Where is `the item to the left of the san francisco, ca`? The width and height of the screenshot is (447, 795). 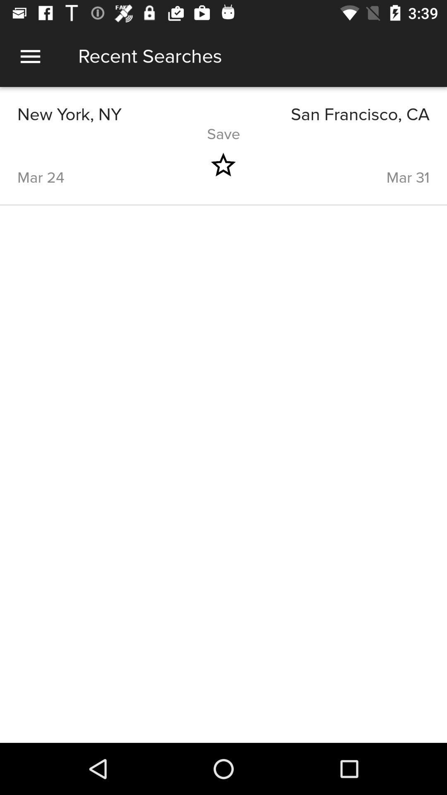 the item to the left of the san francisco, ca is located at coordinates (120, 114).